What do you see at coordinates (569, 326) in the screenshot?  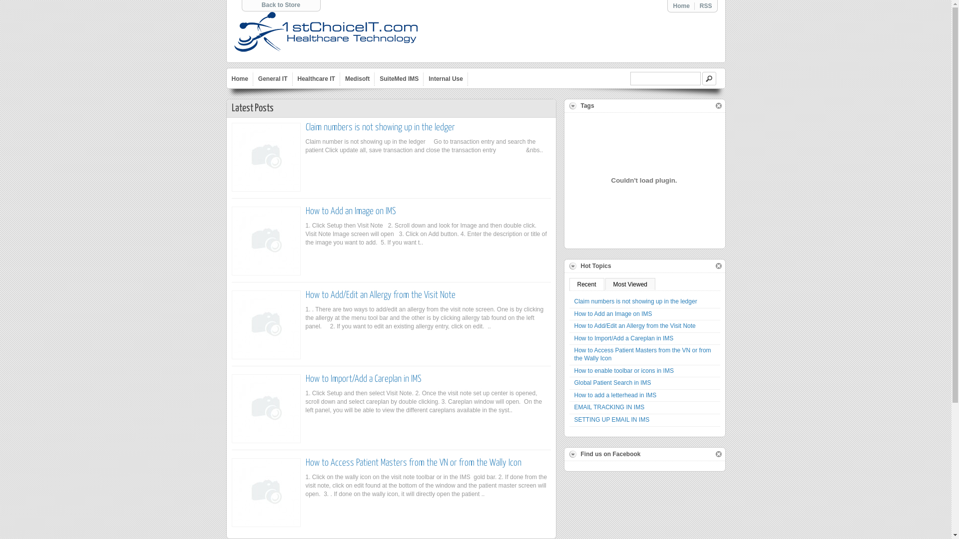 I see `'How to Add/Edit an Allergy from the Visit Note'` at bounding box center [569, 326].